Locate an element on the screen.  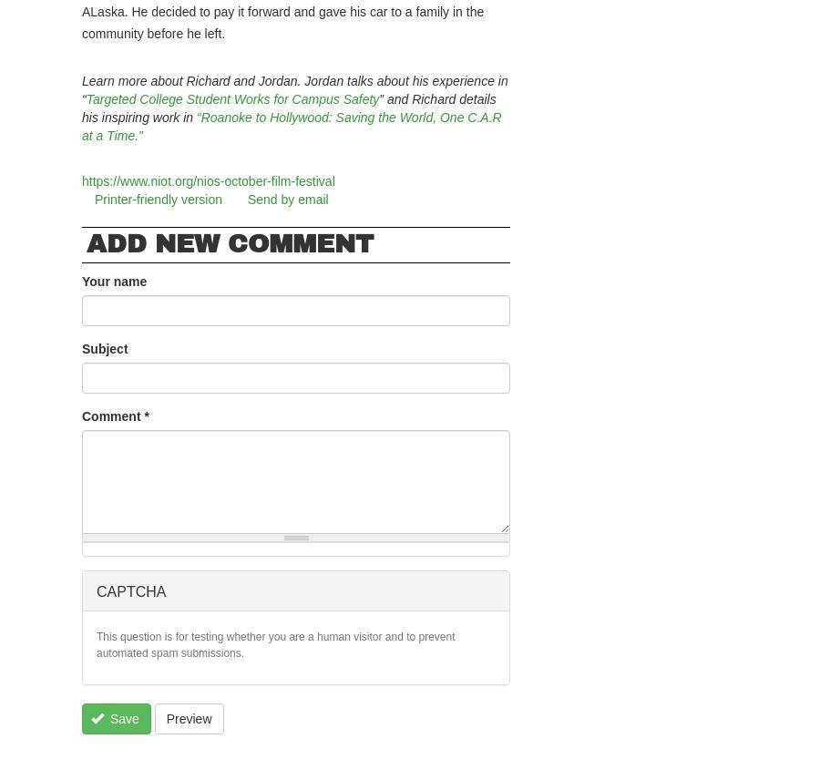
'Save' is located at coordinates (122, 718).